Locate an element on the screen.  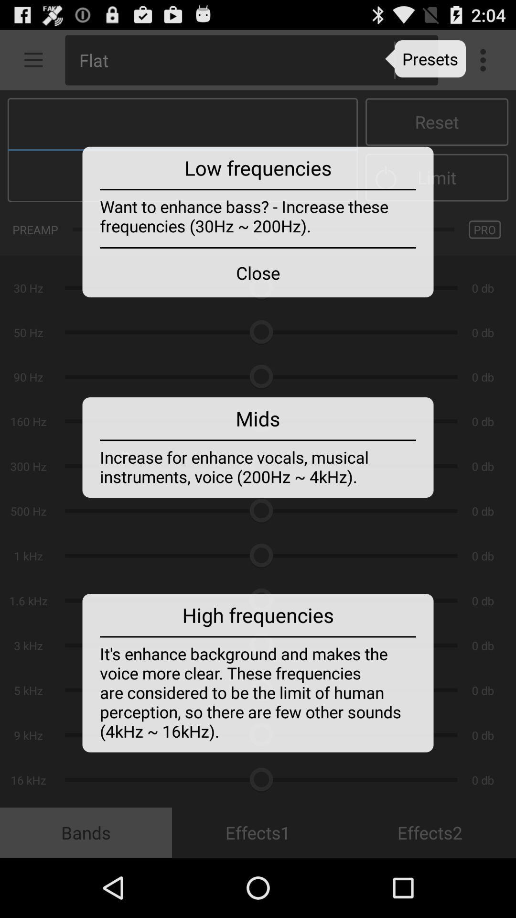
the close is located at coordinates (258, 272).